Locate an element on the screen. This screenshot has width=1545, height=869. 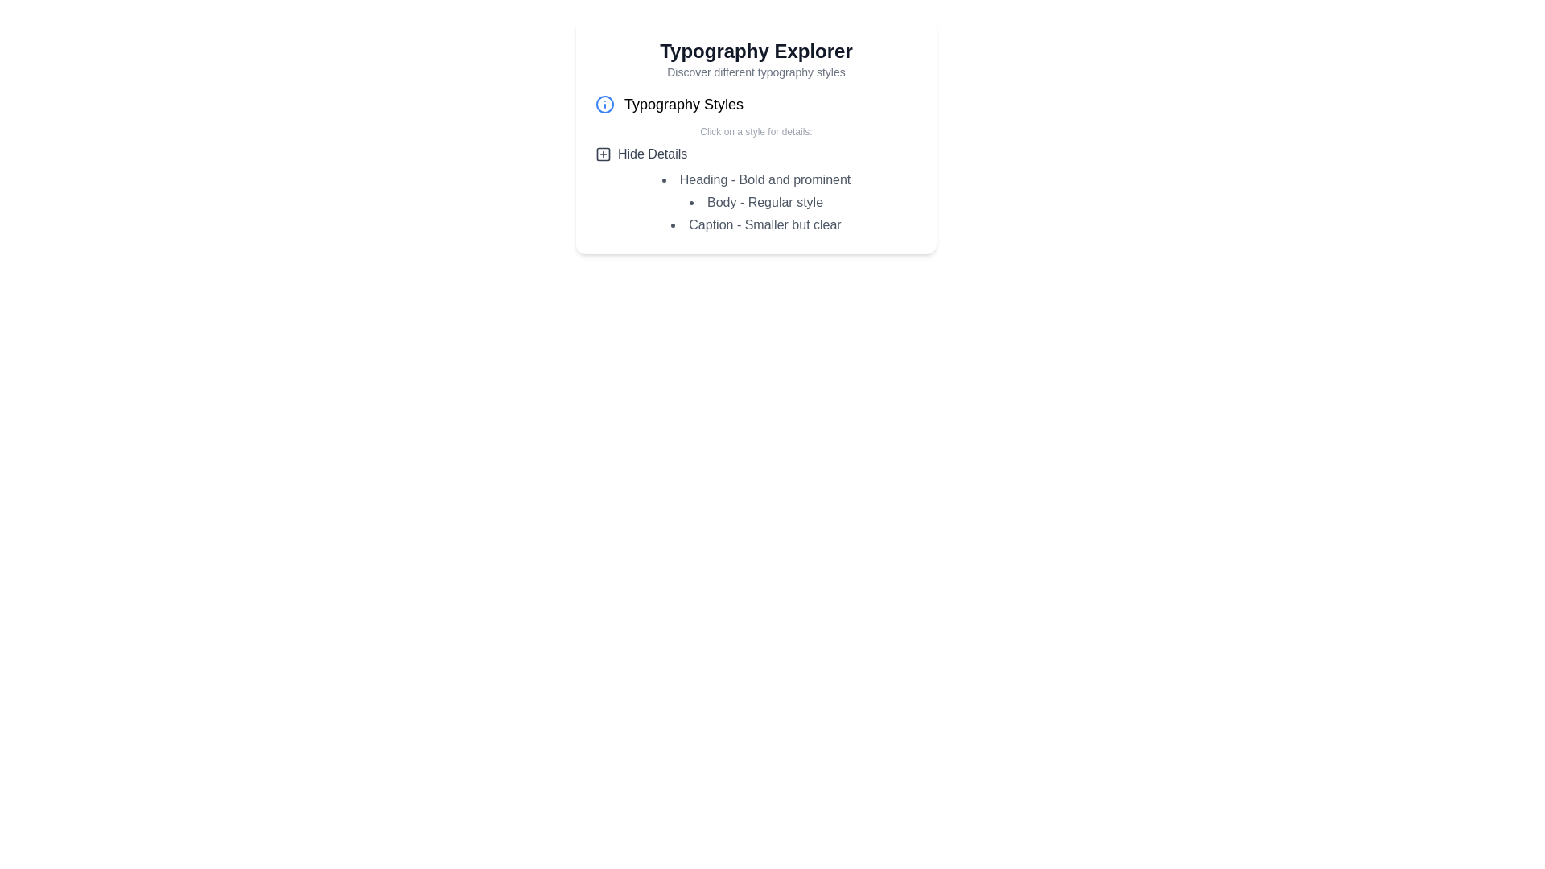
the text label that reads 'Body - Regular style', which is the second item in a vertical bulleted list within the 'Typography Explorer' card is located at coordinates (756, 201).